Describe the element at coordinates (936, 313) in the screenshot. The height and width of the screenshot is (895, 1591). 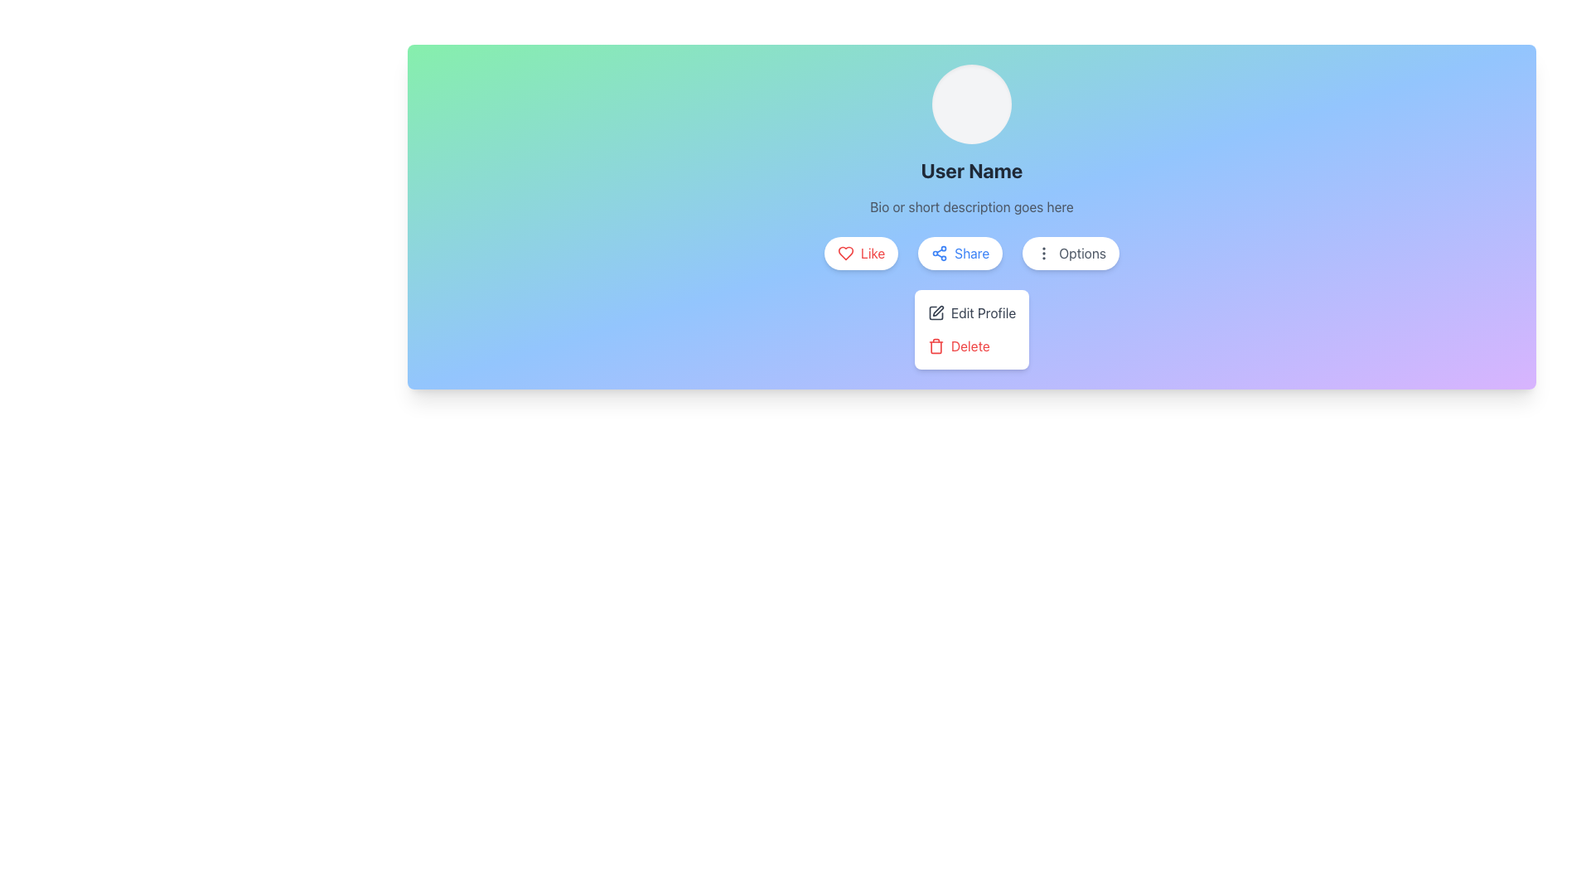
I see `the editing icon with a pen at the top right corner in the context menu` at that location.